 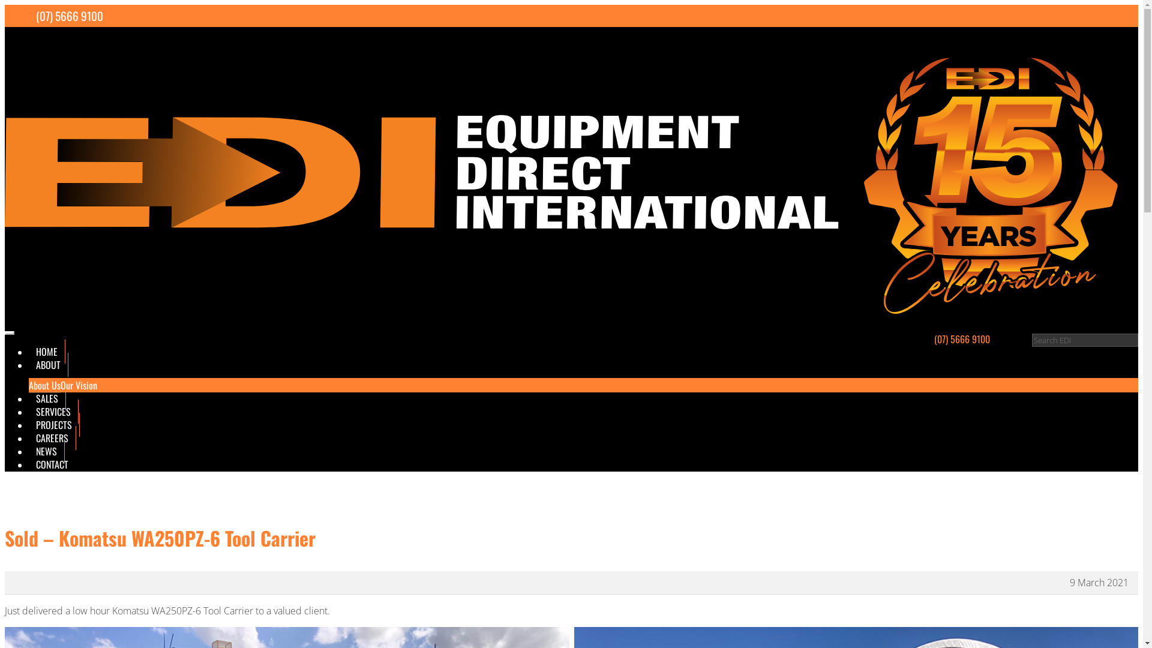 What do you see at coordinates (53, 411) in the screenshot?
I see `'SERVICES'` at bounding box center [53, 411].